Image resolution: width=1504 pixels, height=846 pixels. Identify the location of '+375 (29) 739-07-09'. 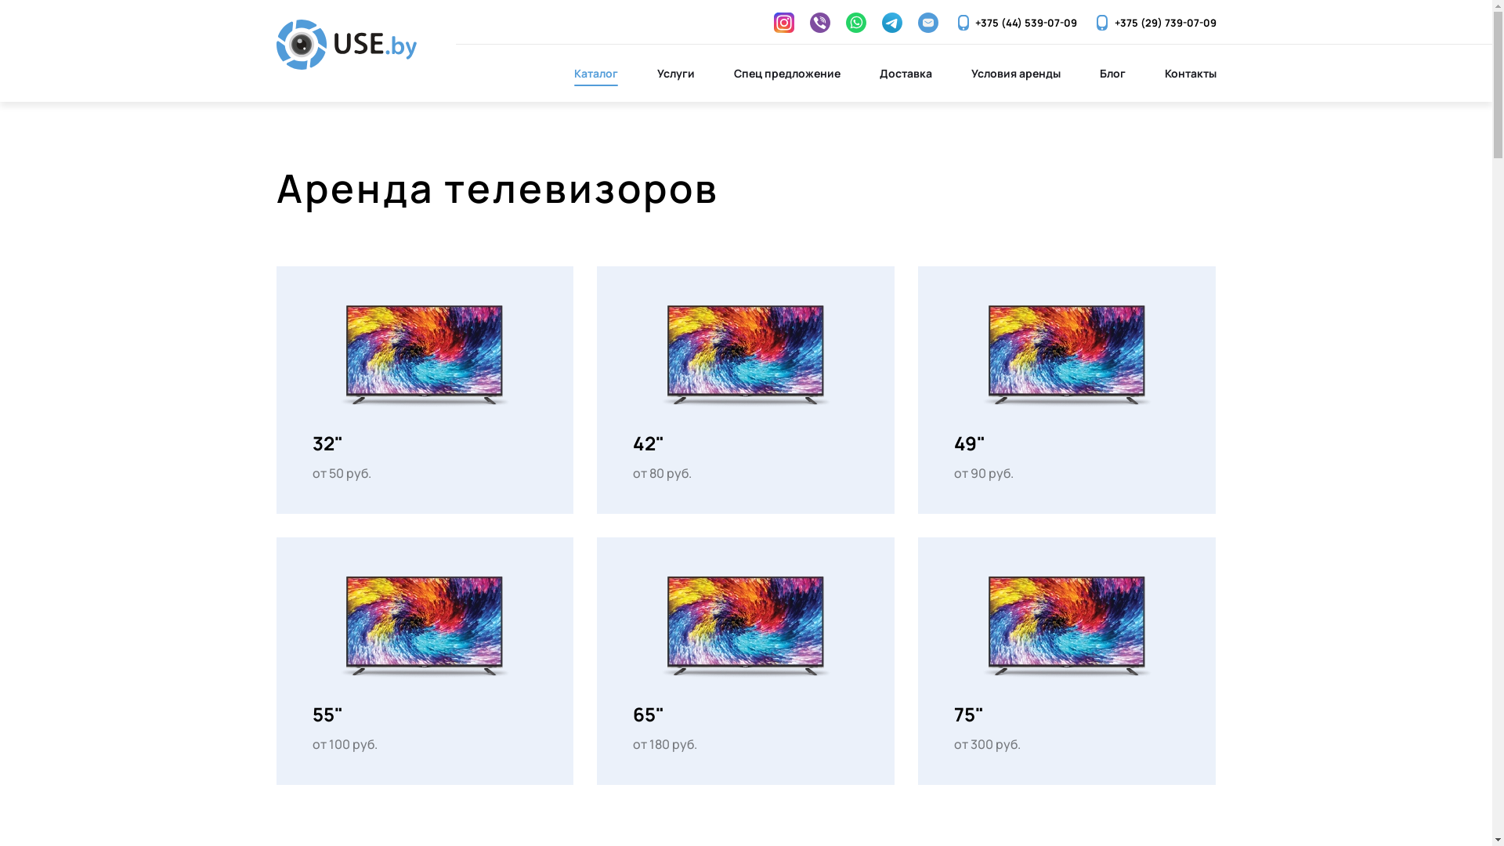
(1154, 23).